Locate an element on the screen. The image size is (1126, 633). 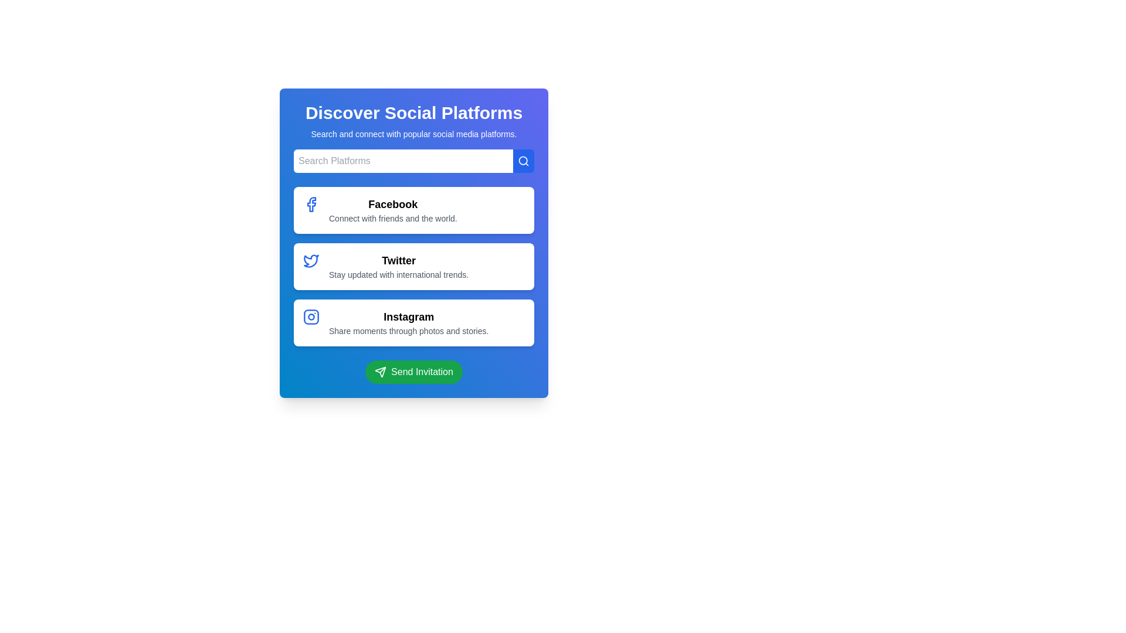
the rounded rectangle graphical icon representing the Instagram option in the interface by clicking on it is located at coordinates (311, 316).